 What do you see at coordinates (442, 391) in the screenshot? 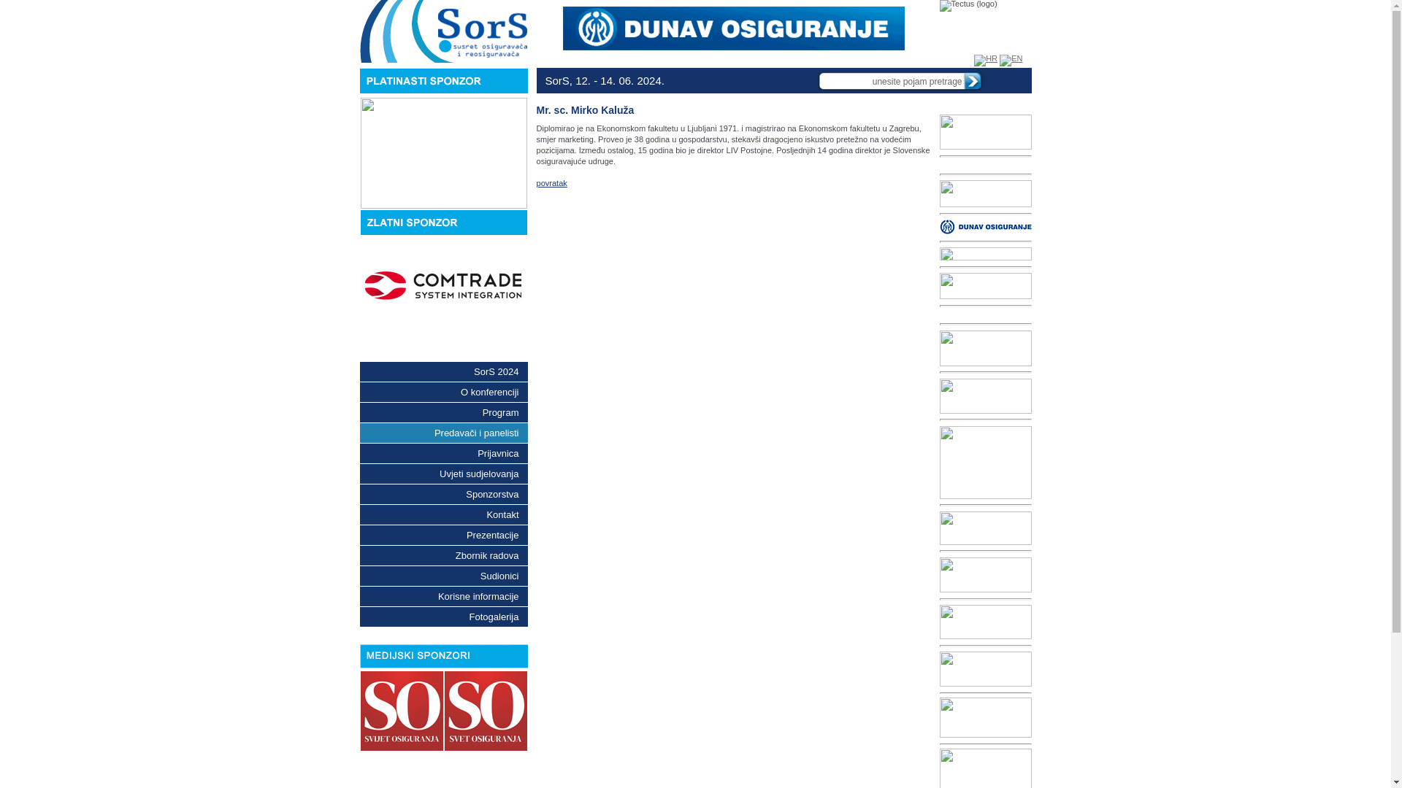
I see `'O konferenciji'` at bounding box center [442, 391].